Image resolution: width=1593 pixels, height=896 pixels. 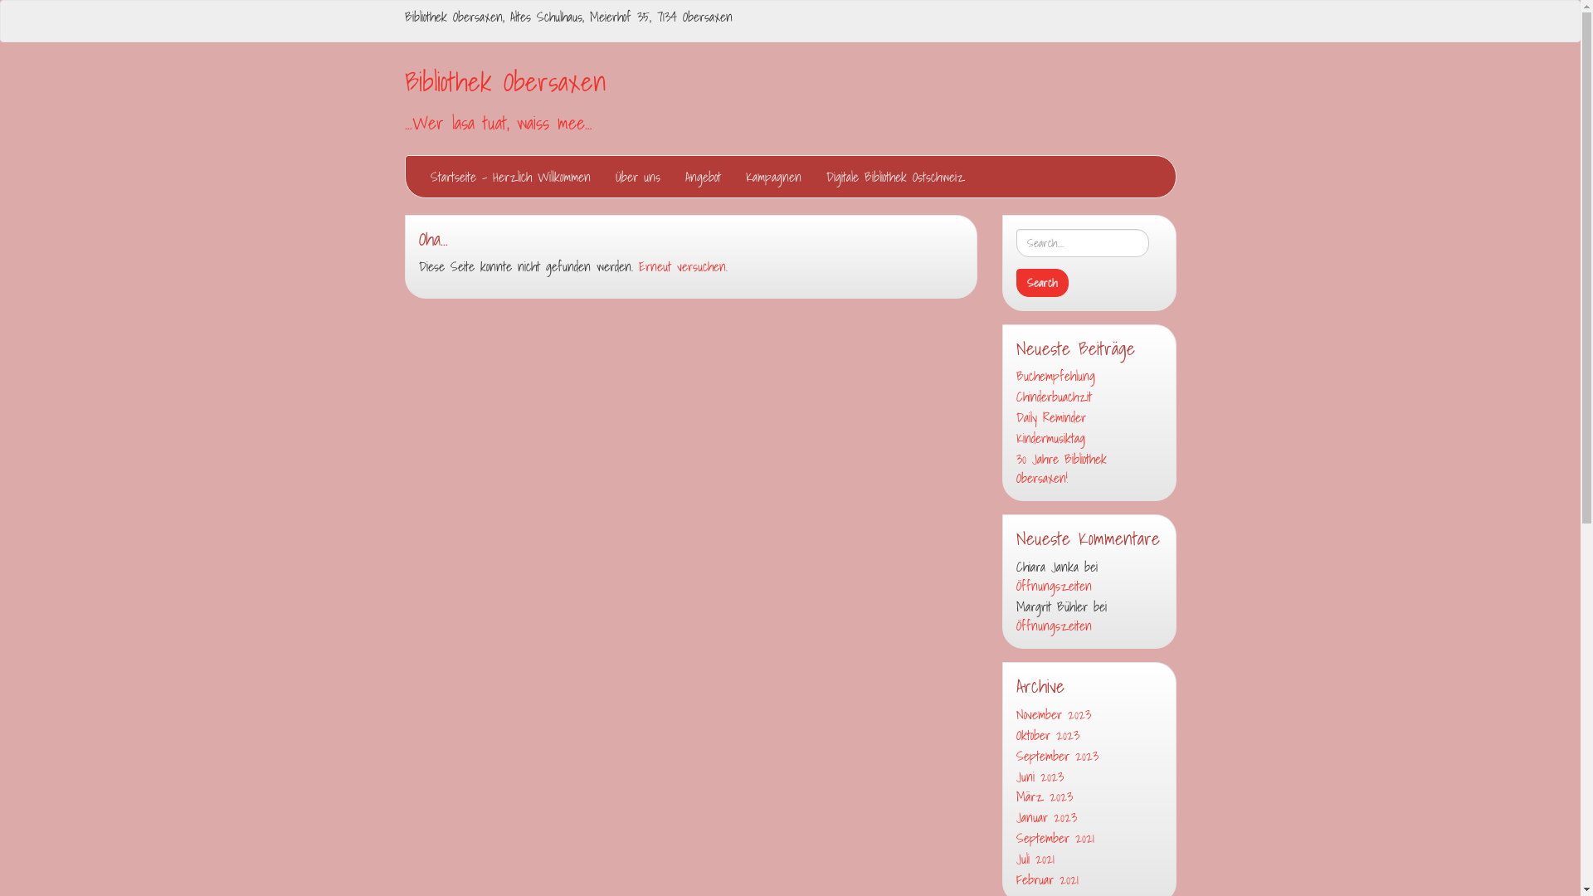 What do you see at coordinates (1088, 713) in the screenshot?
I see `'November 2023'` at bounding box center [1088, 713].